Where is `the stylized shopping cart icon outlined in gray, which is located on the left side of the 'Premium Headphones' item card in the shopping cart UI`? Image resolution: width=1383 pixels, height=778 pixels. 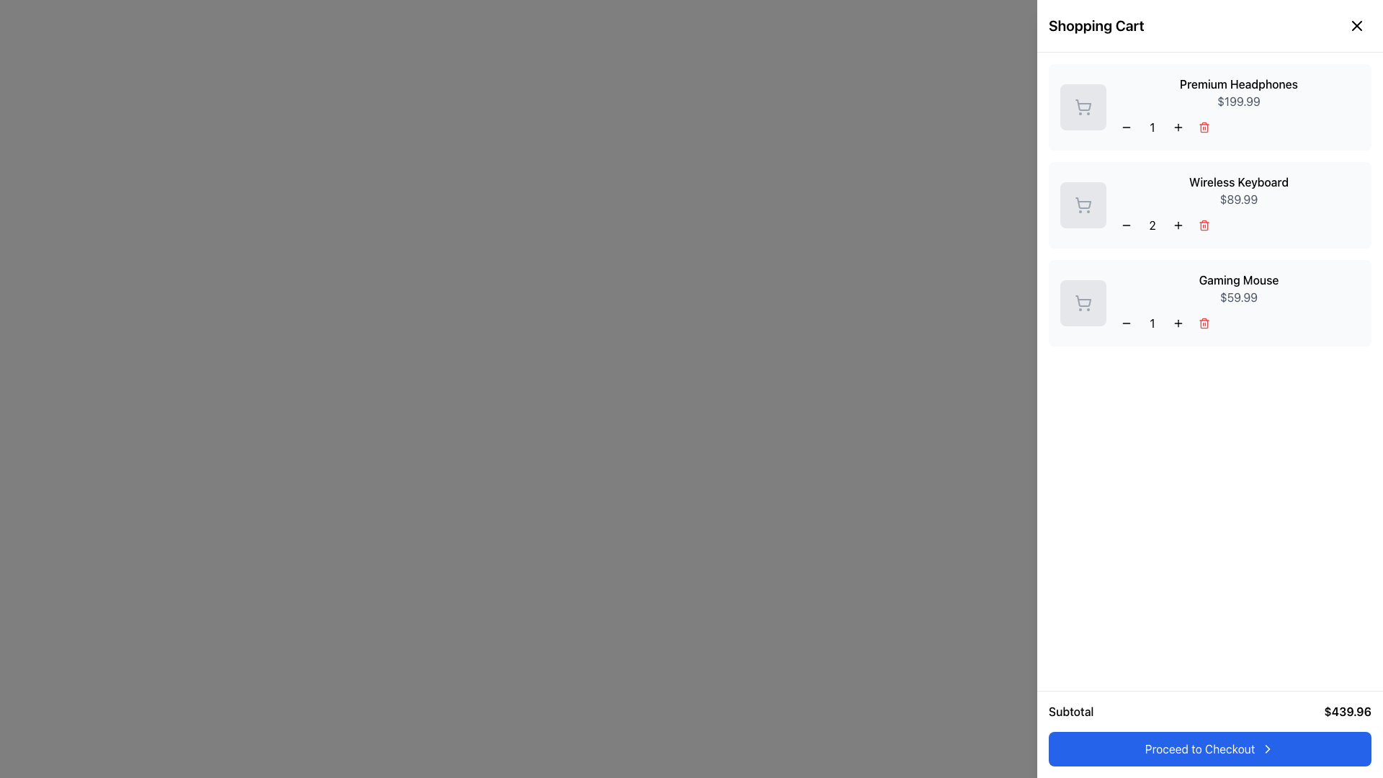
the stylized shopping cart icon outlined in gray, which is located on the left side of the 'Premium Headphones' item card in the shopping cart UI is located at coordinates (1083, 107).